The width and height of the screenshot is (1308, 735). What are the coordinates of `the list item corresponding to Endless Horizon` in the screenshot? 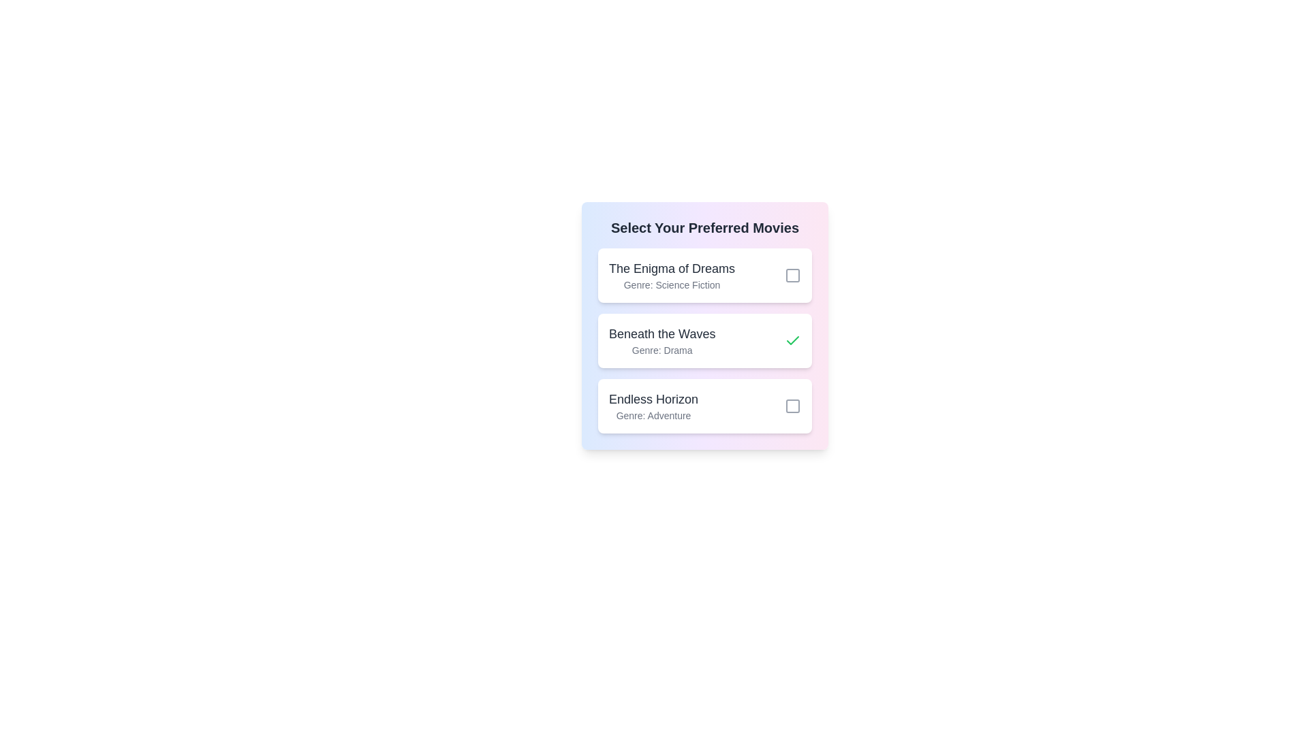 It's located at (705, 406).